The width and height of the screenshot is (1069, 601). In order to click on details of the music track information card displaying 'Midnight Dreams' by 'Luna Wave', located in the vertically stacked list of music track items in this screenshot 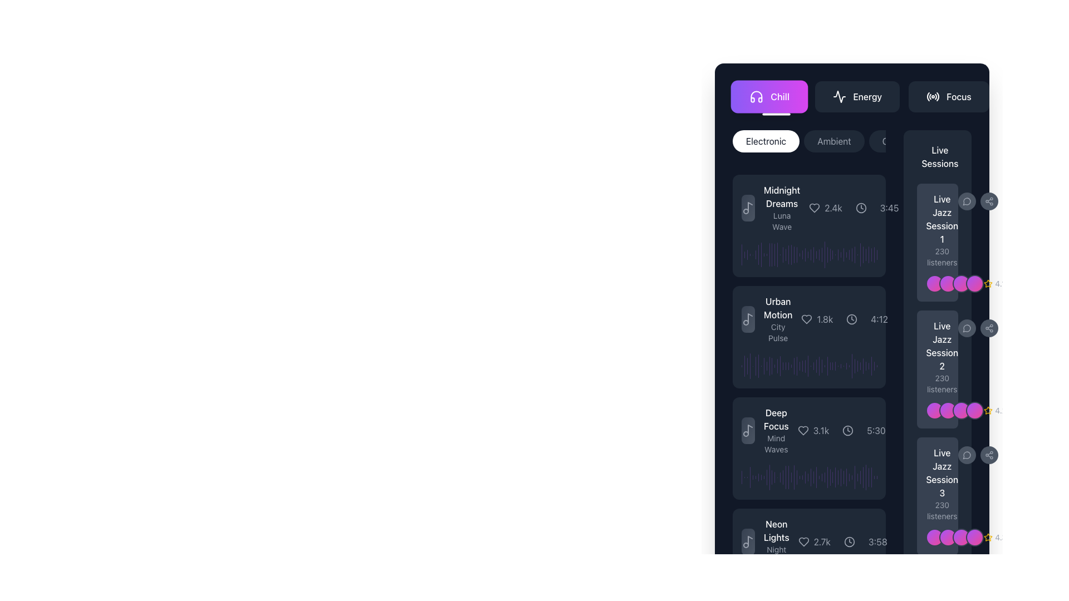, I will do `click(809, 208)`.